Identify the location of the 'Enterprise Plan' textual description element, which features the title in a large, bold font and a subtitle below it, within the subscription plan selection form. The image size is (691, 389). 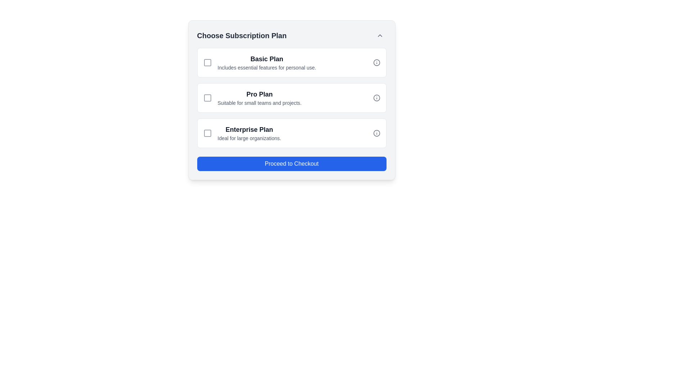
(249, 133).